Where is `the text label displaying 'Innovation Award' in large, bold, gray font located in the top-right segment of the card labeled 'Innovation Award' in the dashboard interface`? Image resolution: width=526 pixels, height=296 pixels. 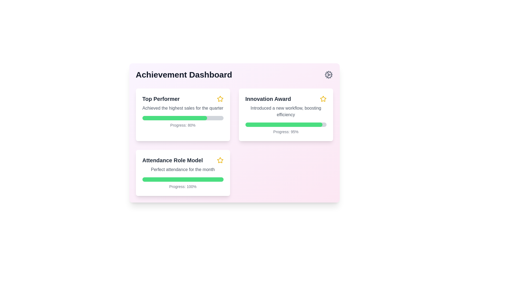 the text label displaying 'Innovation Award' in large, bold, gray font located in the top-right segment of the card labeled 'Innovation Award' in the dashboard interface is located at coordinates (268, 99).